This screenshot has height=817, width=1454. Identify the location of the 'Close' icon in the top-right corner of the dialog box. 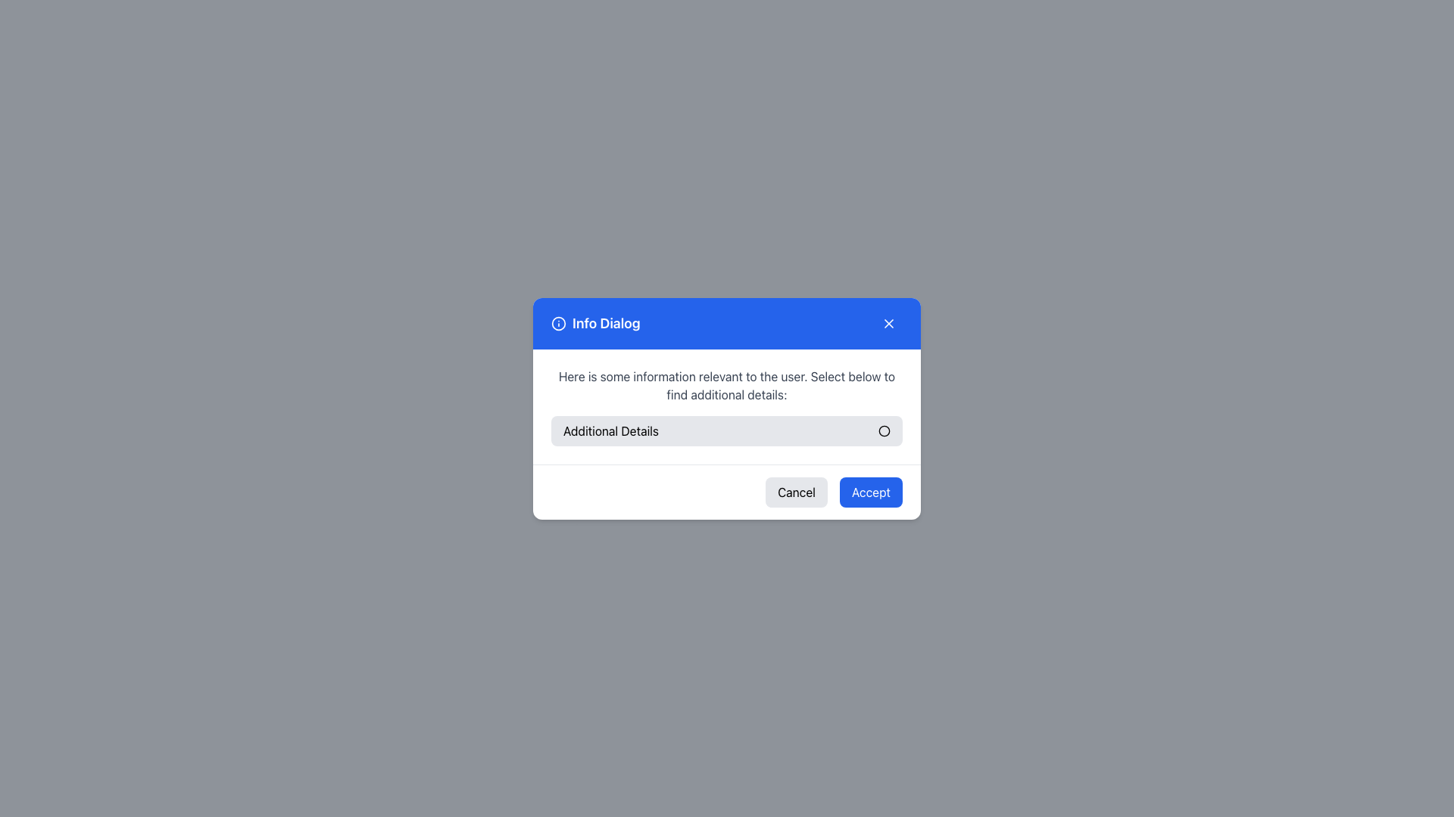
(889, 322).